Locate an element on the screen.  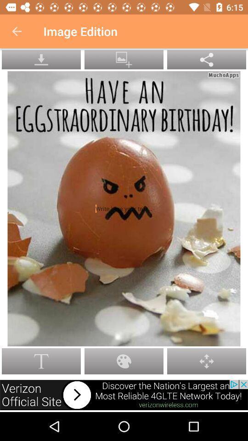
type text to display is located at coordinates (124, 209).